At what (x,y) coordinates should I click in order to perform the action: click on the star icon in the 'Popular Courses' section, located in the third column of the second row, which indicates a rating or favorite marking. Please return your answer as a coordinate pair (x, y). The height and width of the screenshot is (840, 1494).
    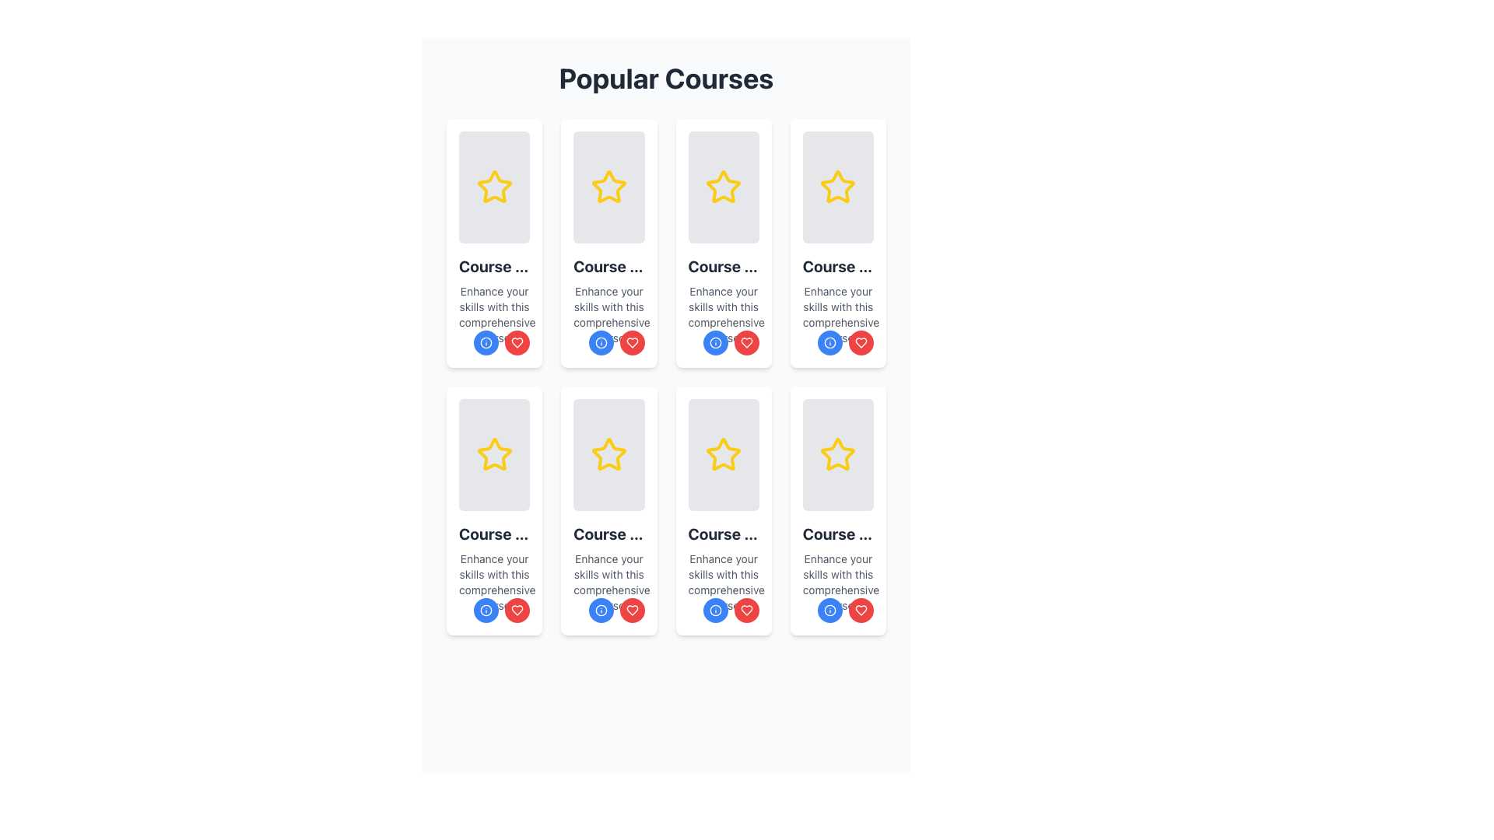
    Looking at the image, I should click on (723, 455).